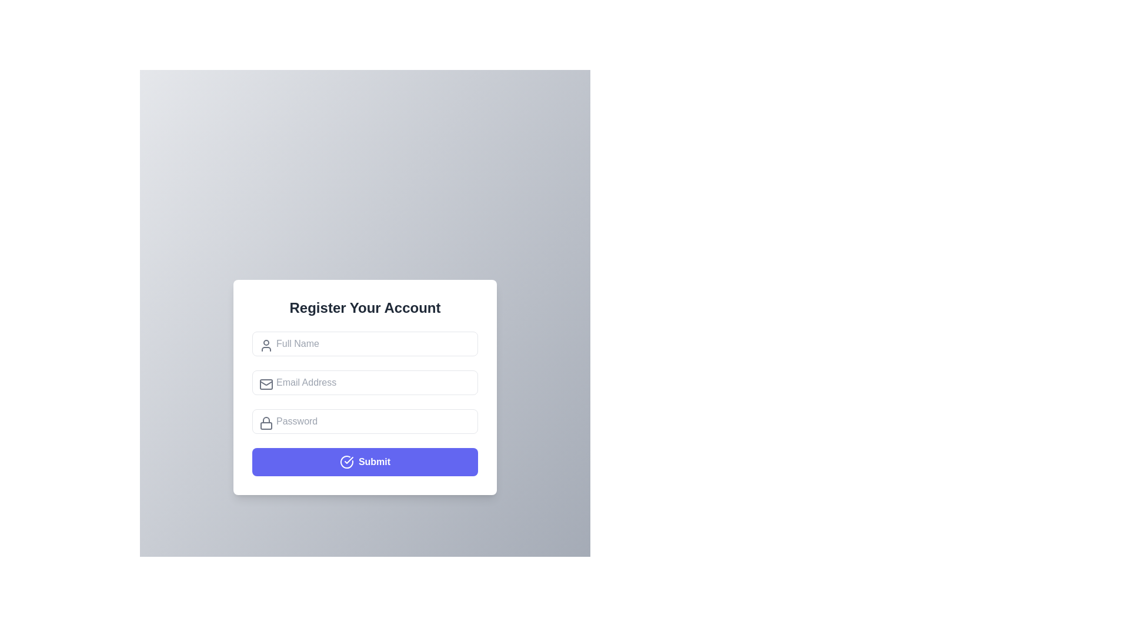  I want to click on the email envelope icon located to the left of the 'Email Address' input field in the 'Register Your Account' form interface, so click(265, 383).